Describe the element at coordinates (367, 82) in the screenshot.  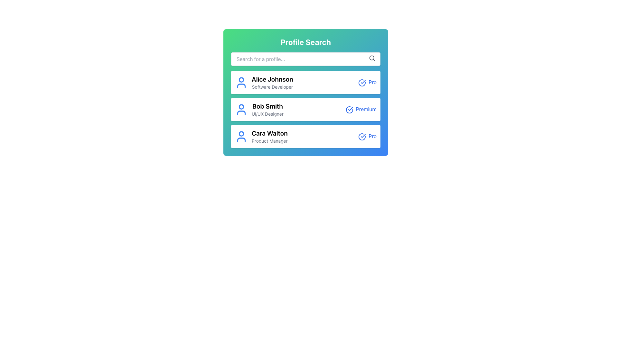
I see `text label 'Pro' styled in blue, located to the far right of 'Alice Johnson' in the top list item` at that location.